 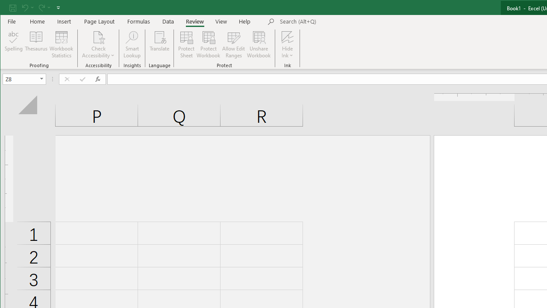 What do you see at coordinates (209, 44) in the screenshot?
I see `'Protect Workbook...'` at bounding box center [209, 44].